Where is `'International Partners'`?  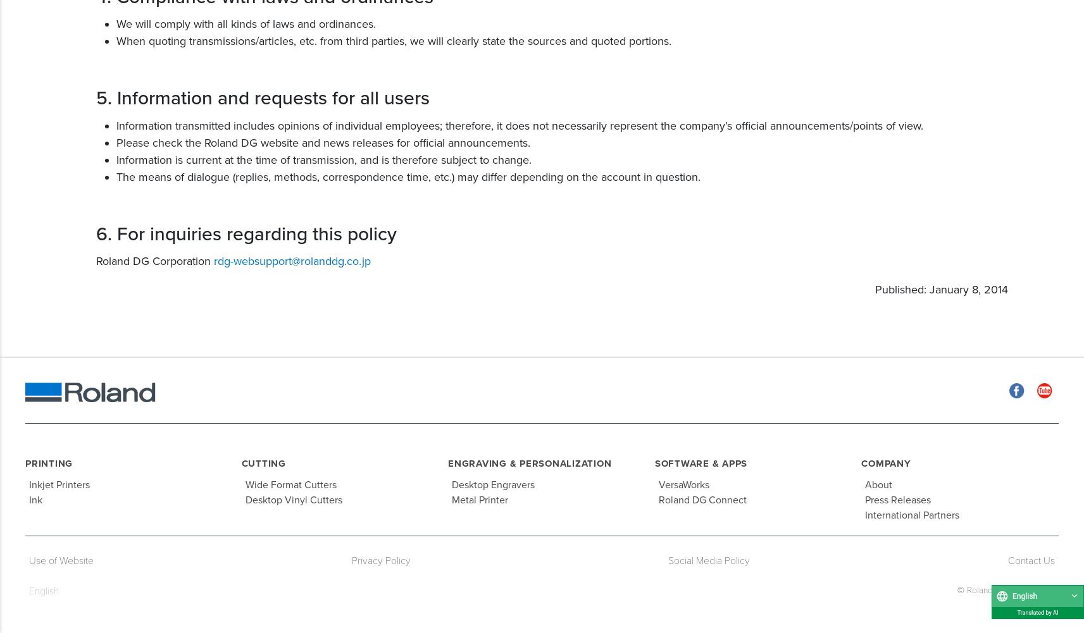 'International Partners' is located at coordinates (911, 514).